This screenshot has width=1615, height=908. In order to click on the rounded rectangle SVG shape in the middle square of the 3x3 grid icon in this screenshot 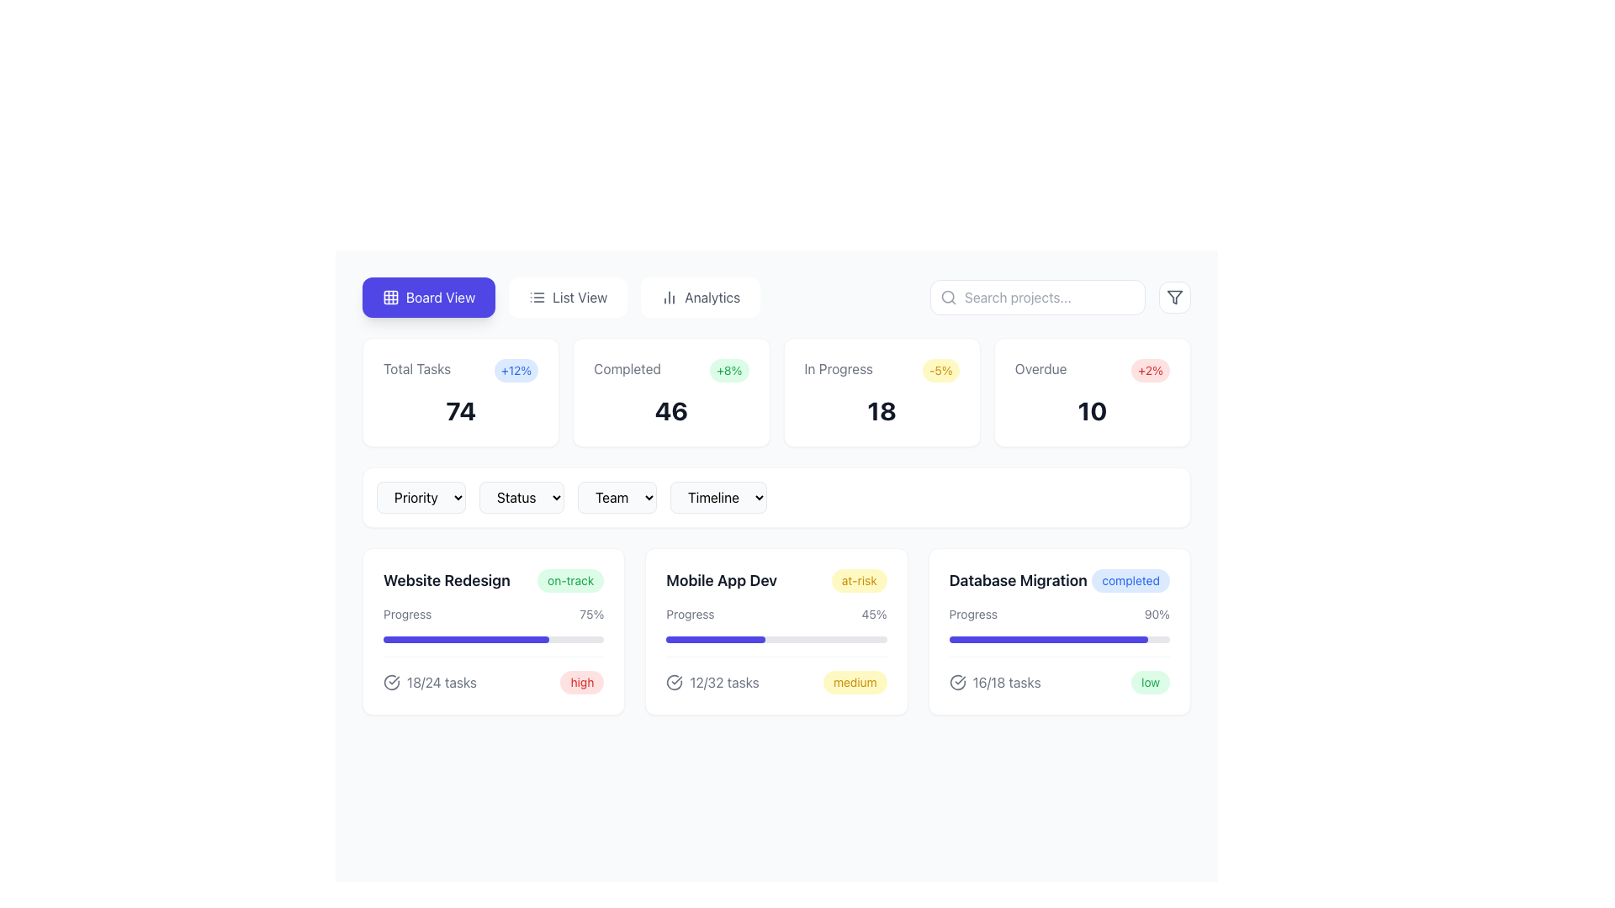, I will do `click(390, 297)`.